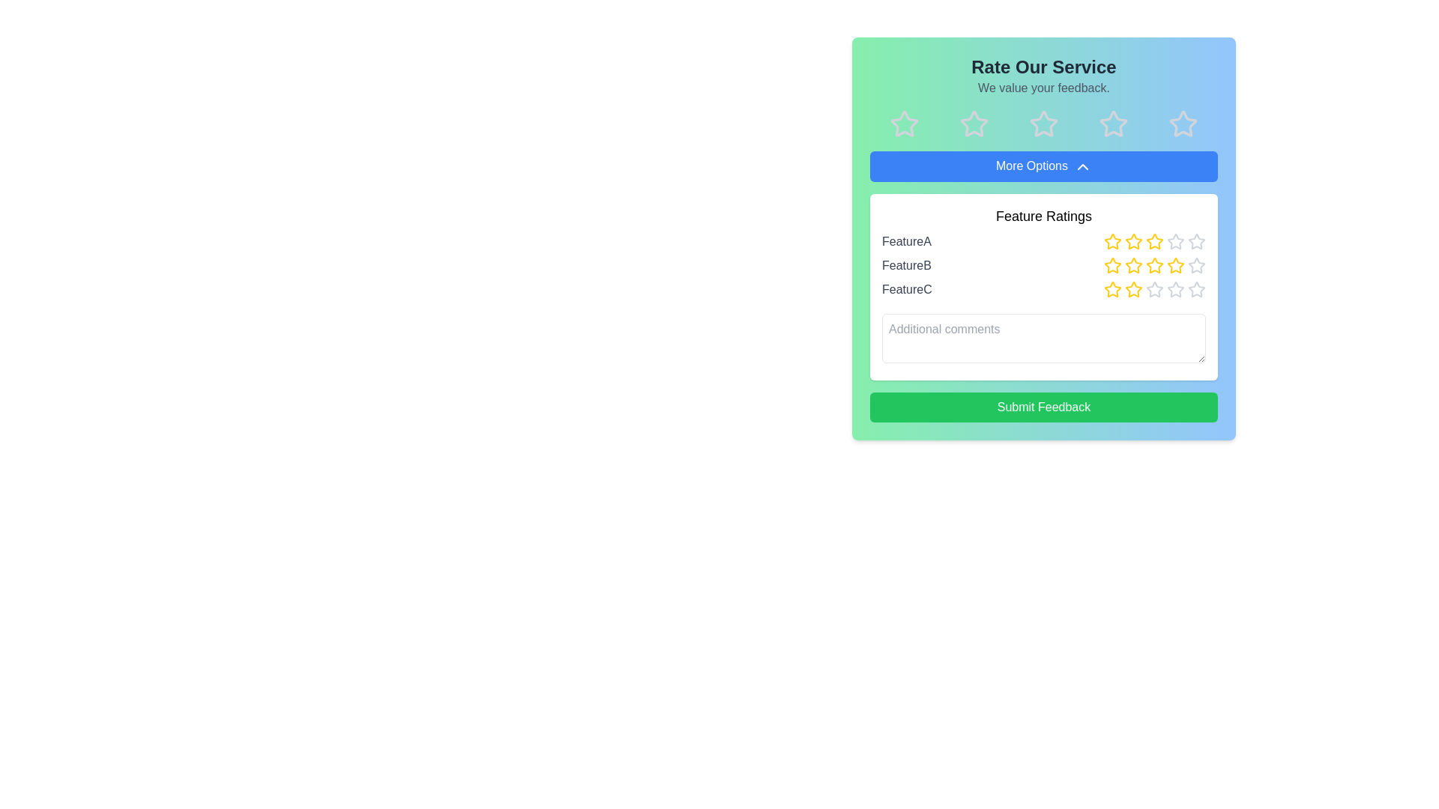 The height and width of the screenshot is (809, 1439). I want to click on the first star icon in the horizontal bar, so click(904, 123).